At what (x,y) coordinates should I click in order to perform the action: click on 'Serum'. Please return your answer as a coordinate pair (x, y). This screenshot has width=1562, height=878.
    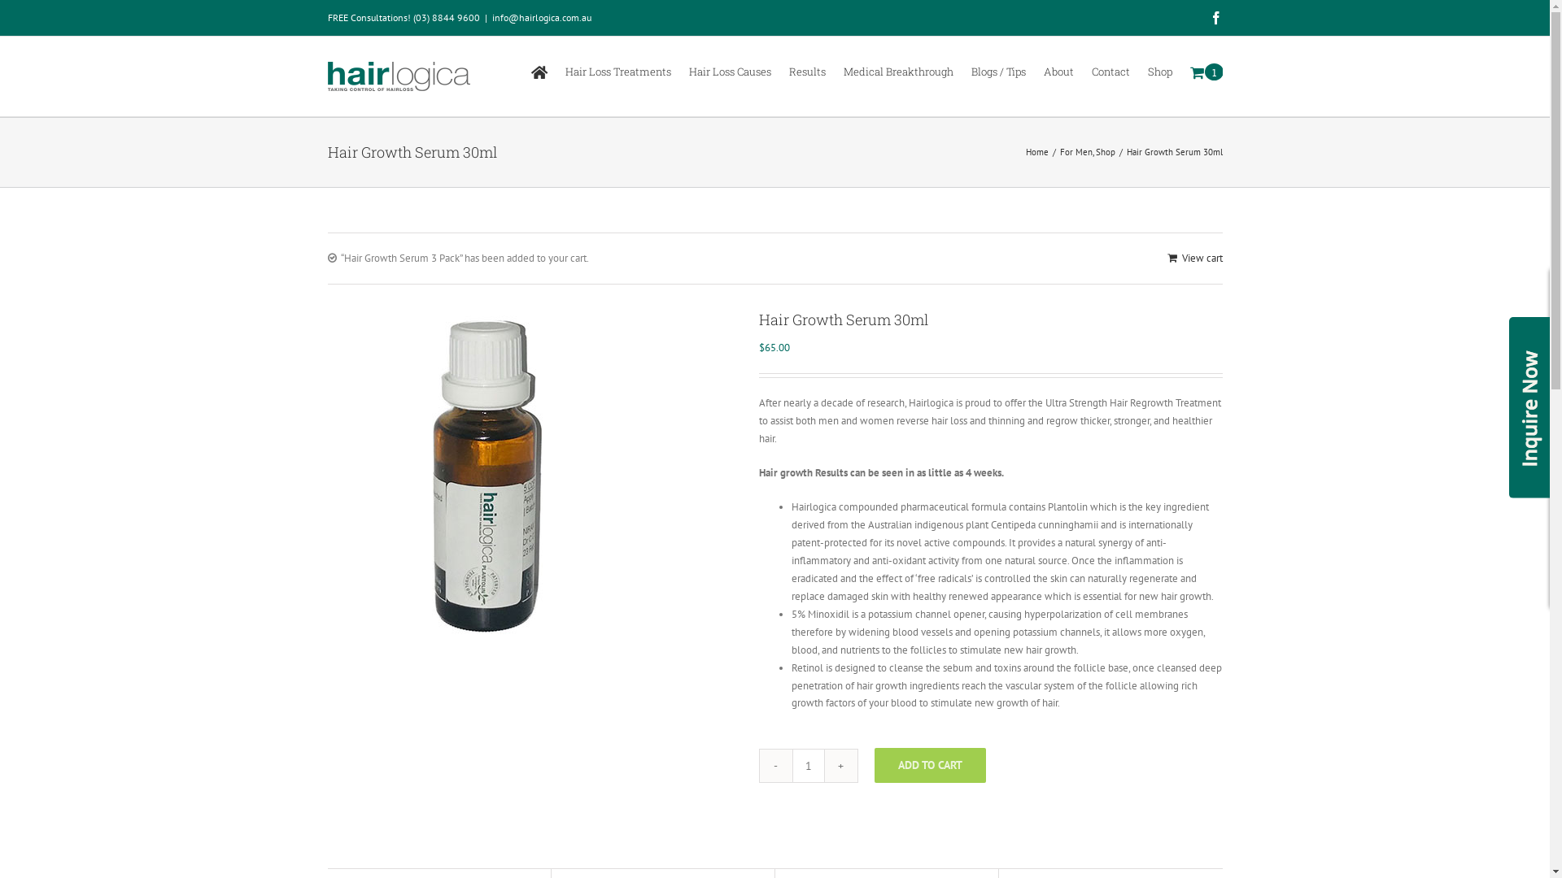
    Looking at the image, I should click on (530, 471).